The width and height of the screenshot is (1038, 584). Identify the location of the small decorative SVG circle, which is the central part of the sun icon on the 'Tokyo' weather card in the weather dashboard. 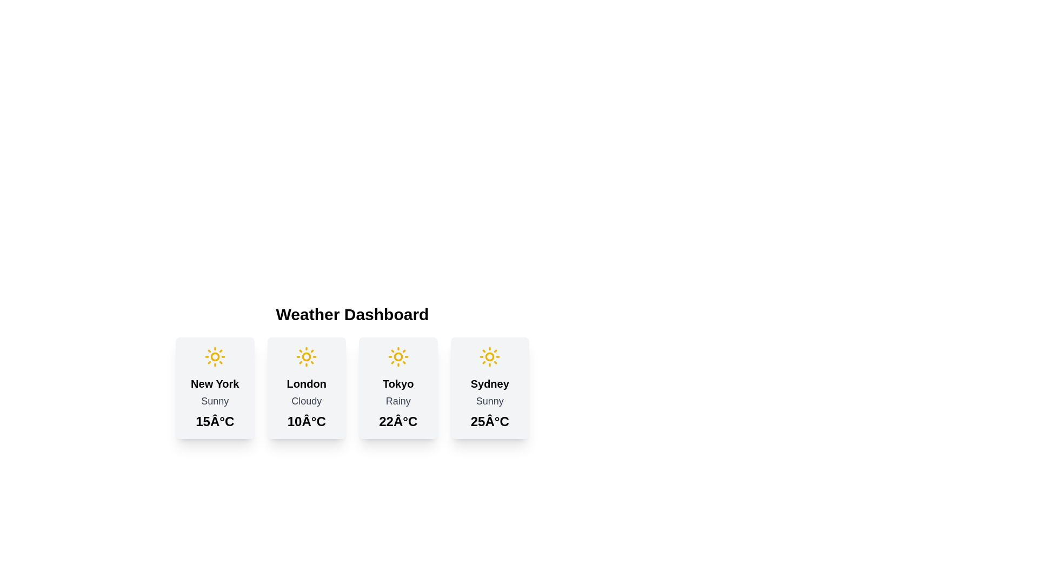
(397, 356).